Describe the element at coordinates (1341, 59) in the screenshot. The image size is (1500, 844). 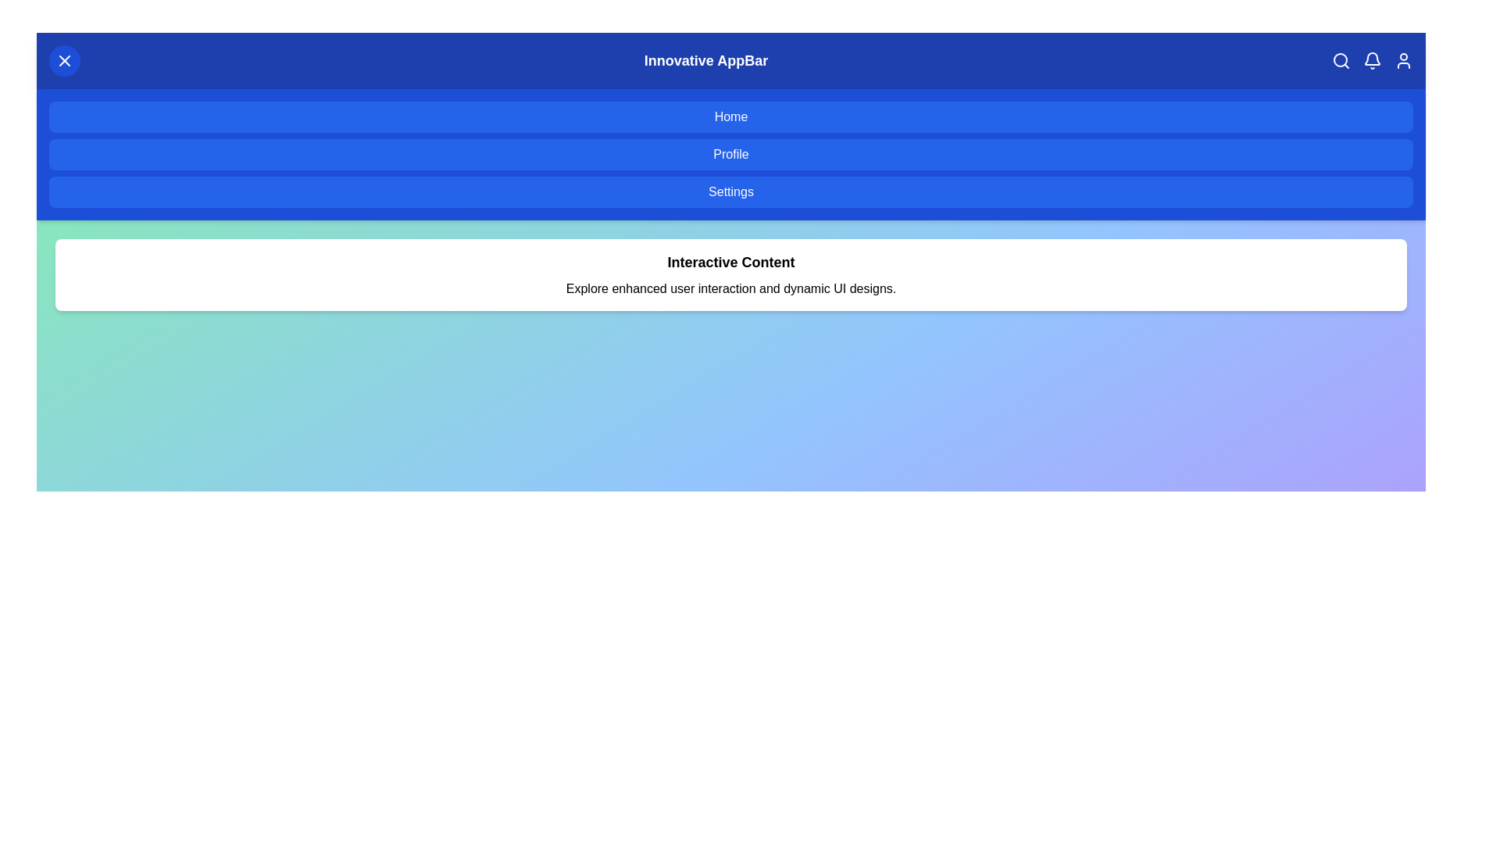
I see `the Search icon in the header` at that location.